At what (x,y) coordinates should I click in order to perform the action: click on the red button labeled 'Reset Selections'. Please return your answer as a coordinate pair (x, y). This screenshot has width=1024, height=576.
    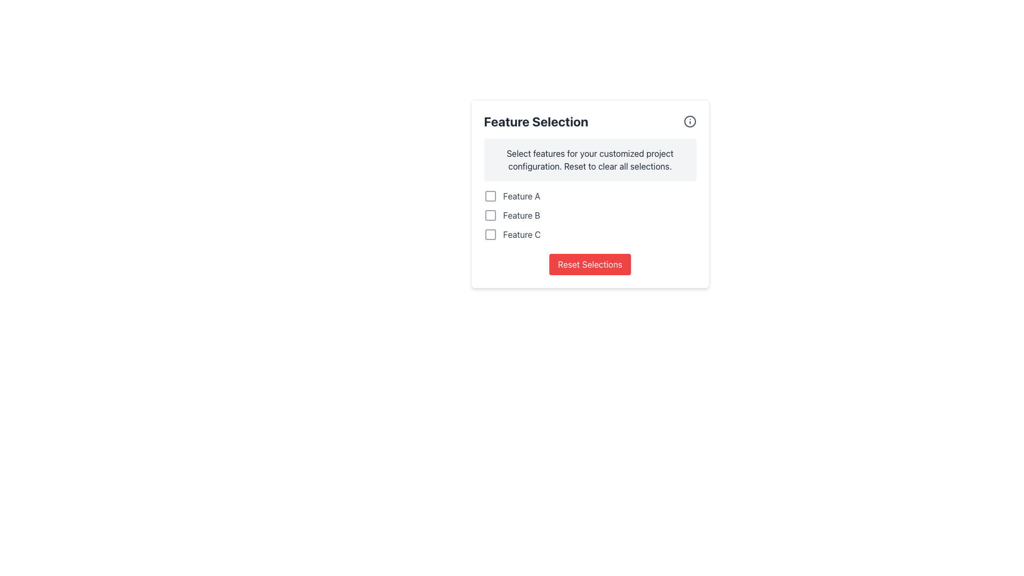
    Looking at the image, I should click on (589, 264).